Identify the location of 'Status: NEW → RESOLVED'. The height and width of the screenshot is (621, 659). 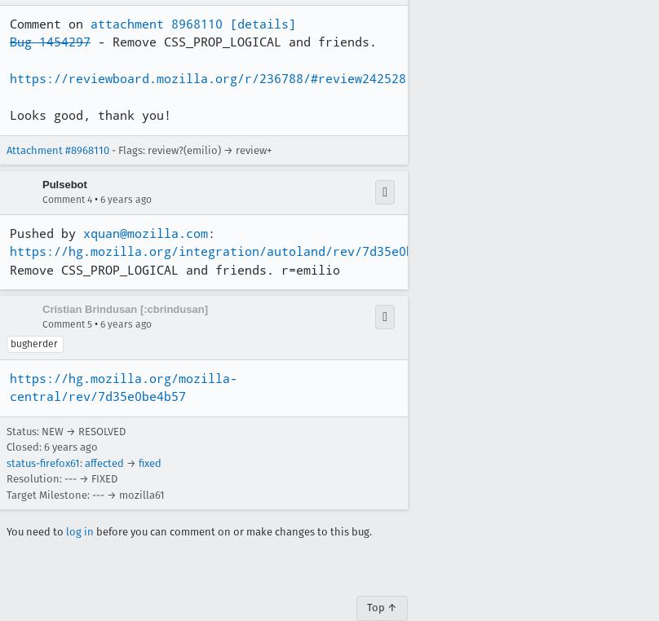
(65, 429).